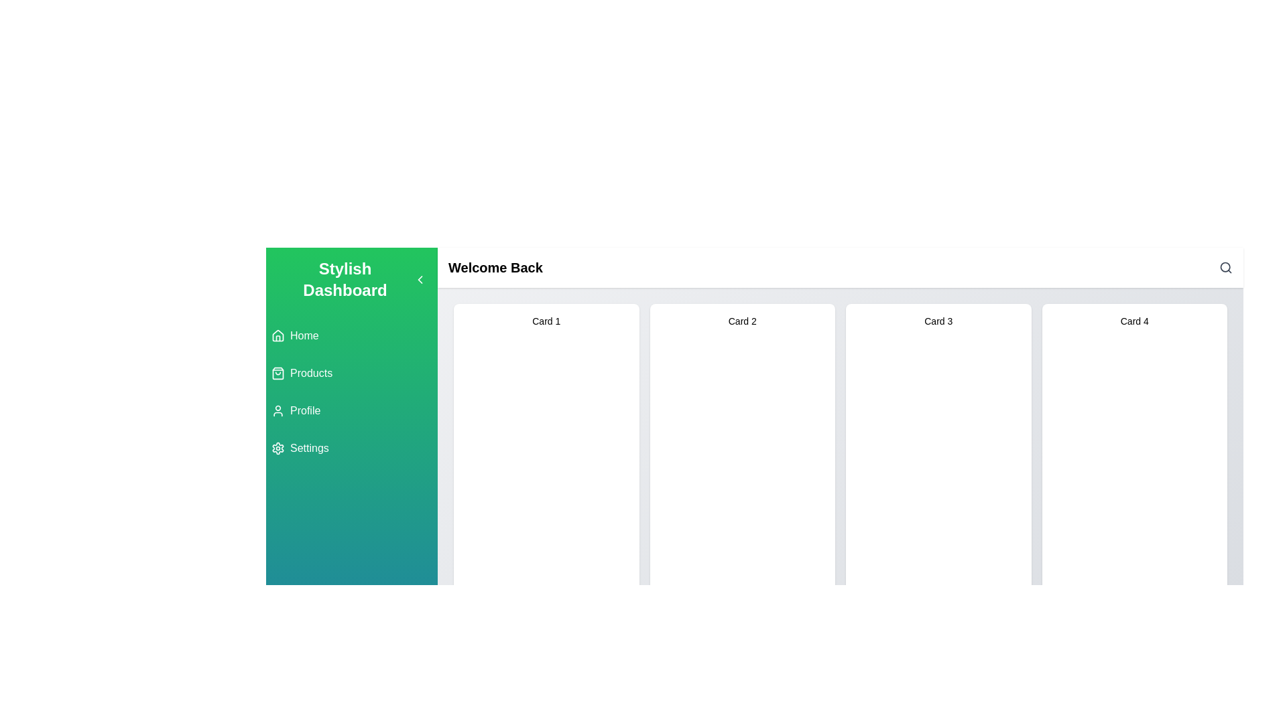 The width and height of the screenshot is (1287, 723). Describe the element at coordinates (420, 278) in the screenshot. I see `the left-pointing chevron icon represented as an SVG element located near the top-right of the vertically green 'Stylish Dashboard' interface` at that location.